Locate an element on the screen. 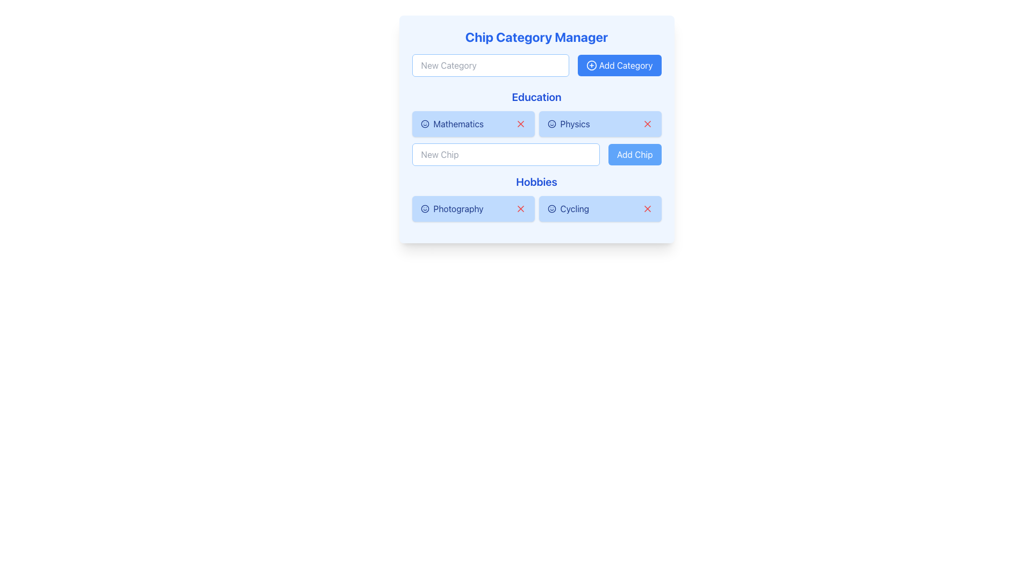 Image resolution: width=1032 pixels, height=580 pixels. the 'Add Chip' button, which has a blue background and white text, located to the right of the 'New Chip' input field in the 'Education' section is located at coordinates (635, 155).